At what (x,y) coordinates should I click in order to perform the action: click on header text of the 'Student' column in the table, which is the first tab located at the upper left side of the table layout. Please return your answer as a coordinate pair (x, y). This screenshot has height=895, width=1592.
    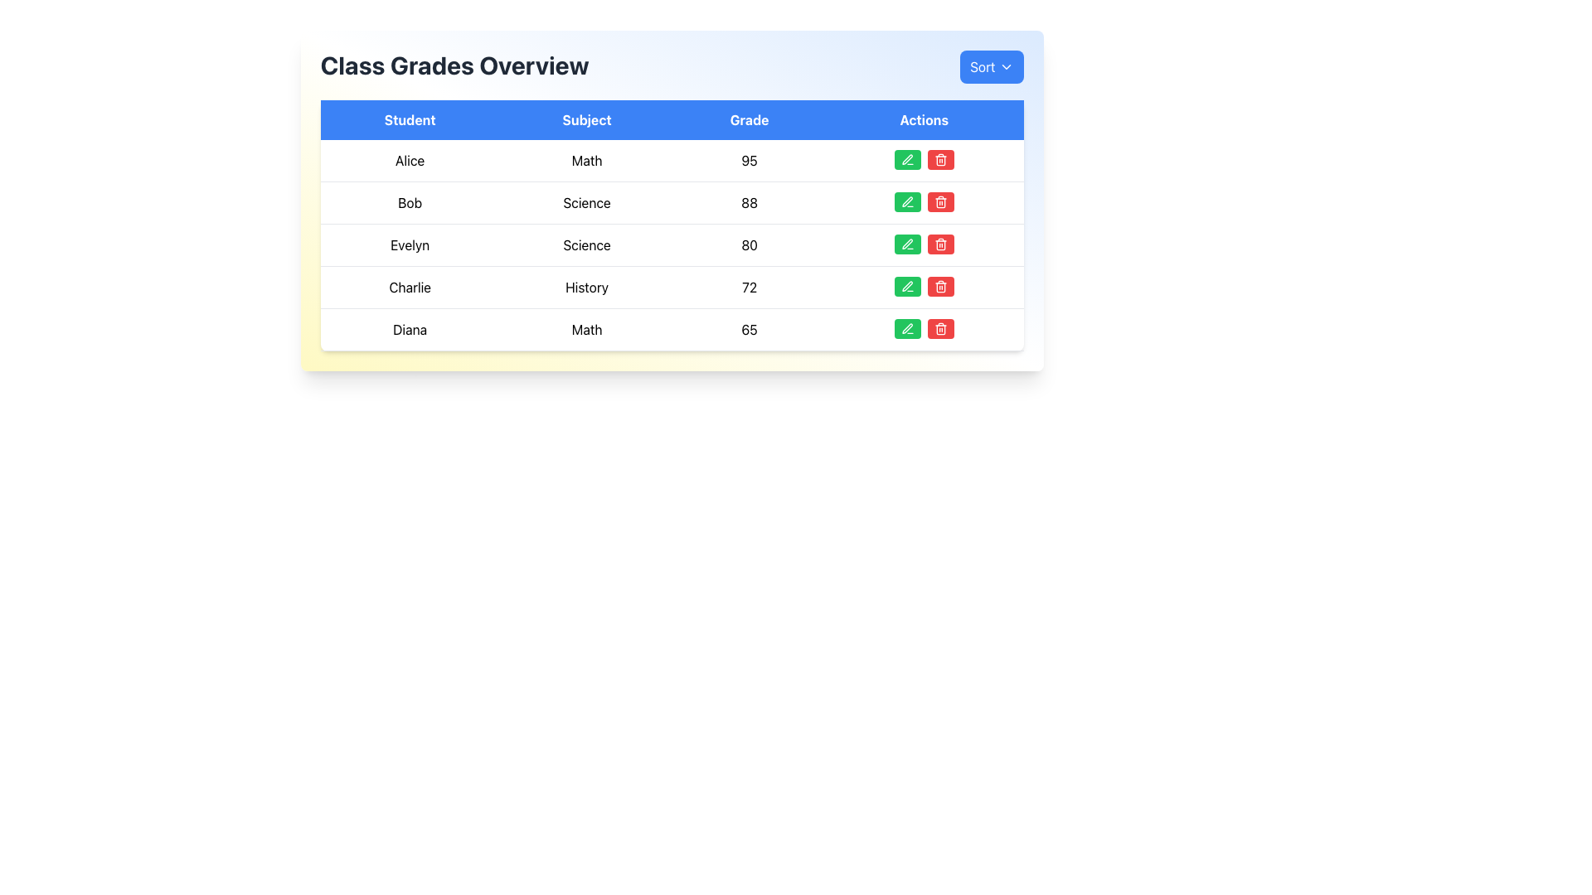
    Looking at the image, I should click on (410, 119).